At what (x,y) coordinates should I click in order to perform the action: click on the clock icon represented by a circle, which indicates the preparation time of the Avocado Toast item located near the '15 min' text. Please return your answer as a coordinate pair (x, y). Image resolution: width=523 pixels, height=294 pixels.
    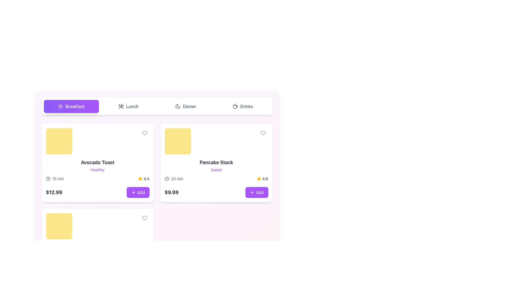
    Looking at the image, I should click on (48, 179).